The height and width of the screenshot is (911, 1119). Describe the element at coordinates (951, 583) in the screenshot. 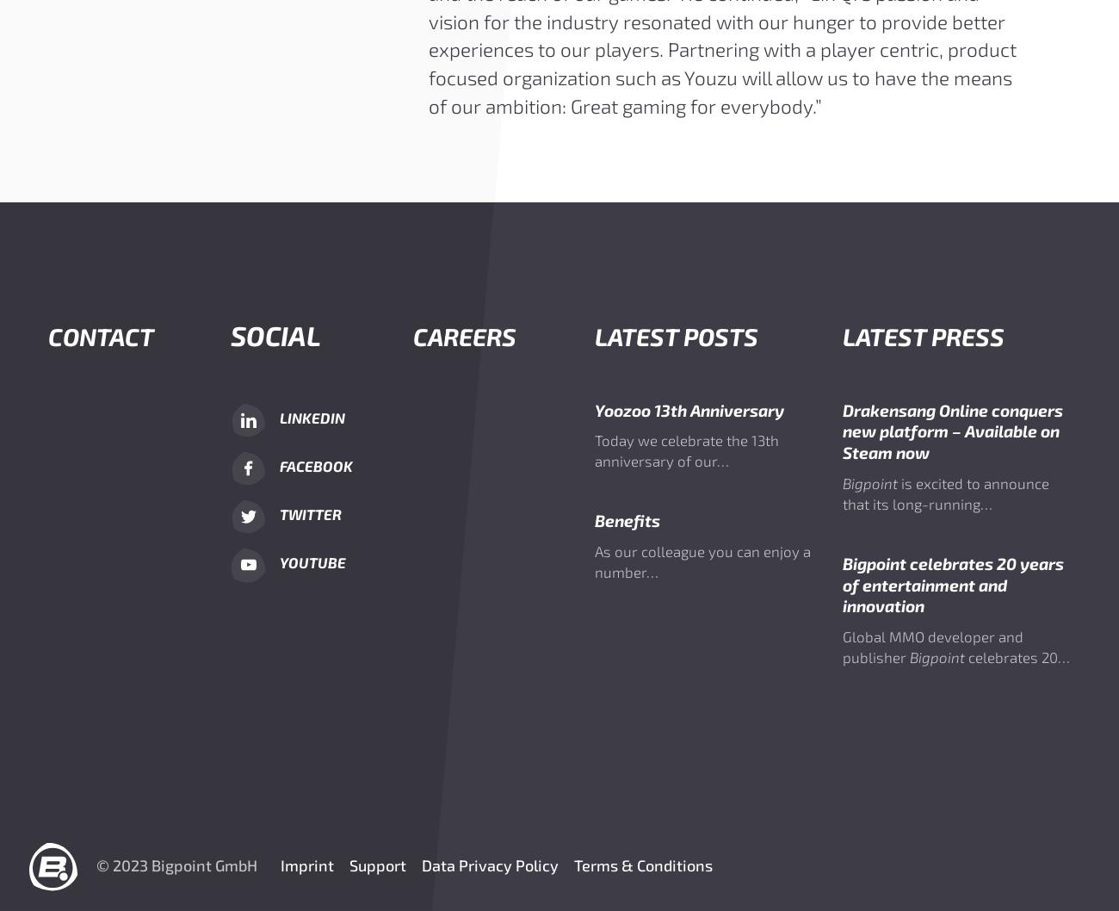

I see `'Bigpoint celebrates 20 years of entertainment and innovation'` at that location.